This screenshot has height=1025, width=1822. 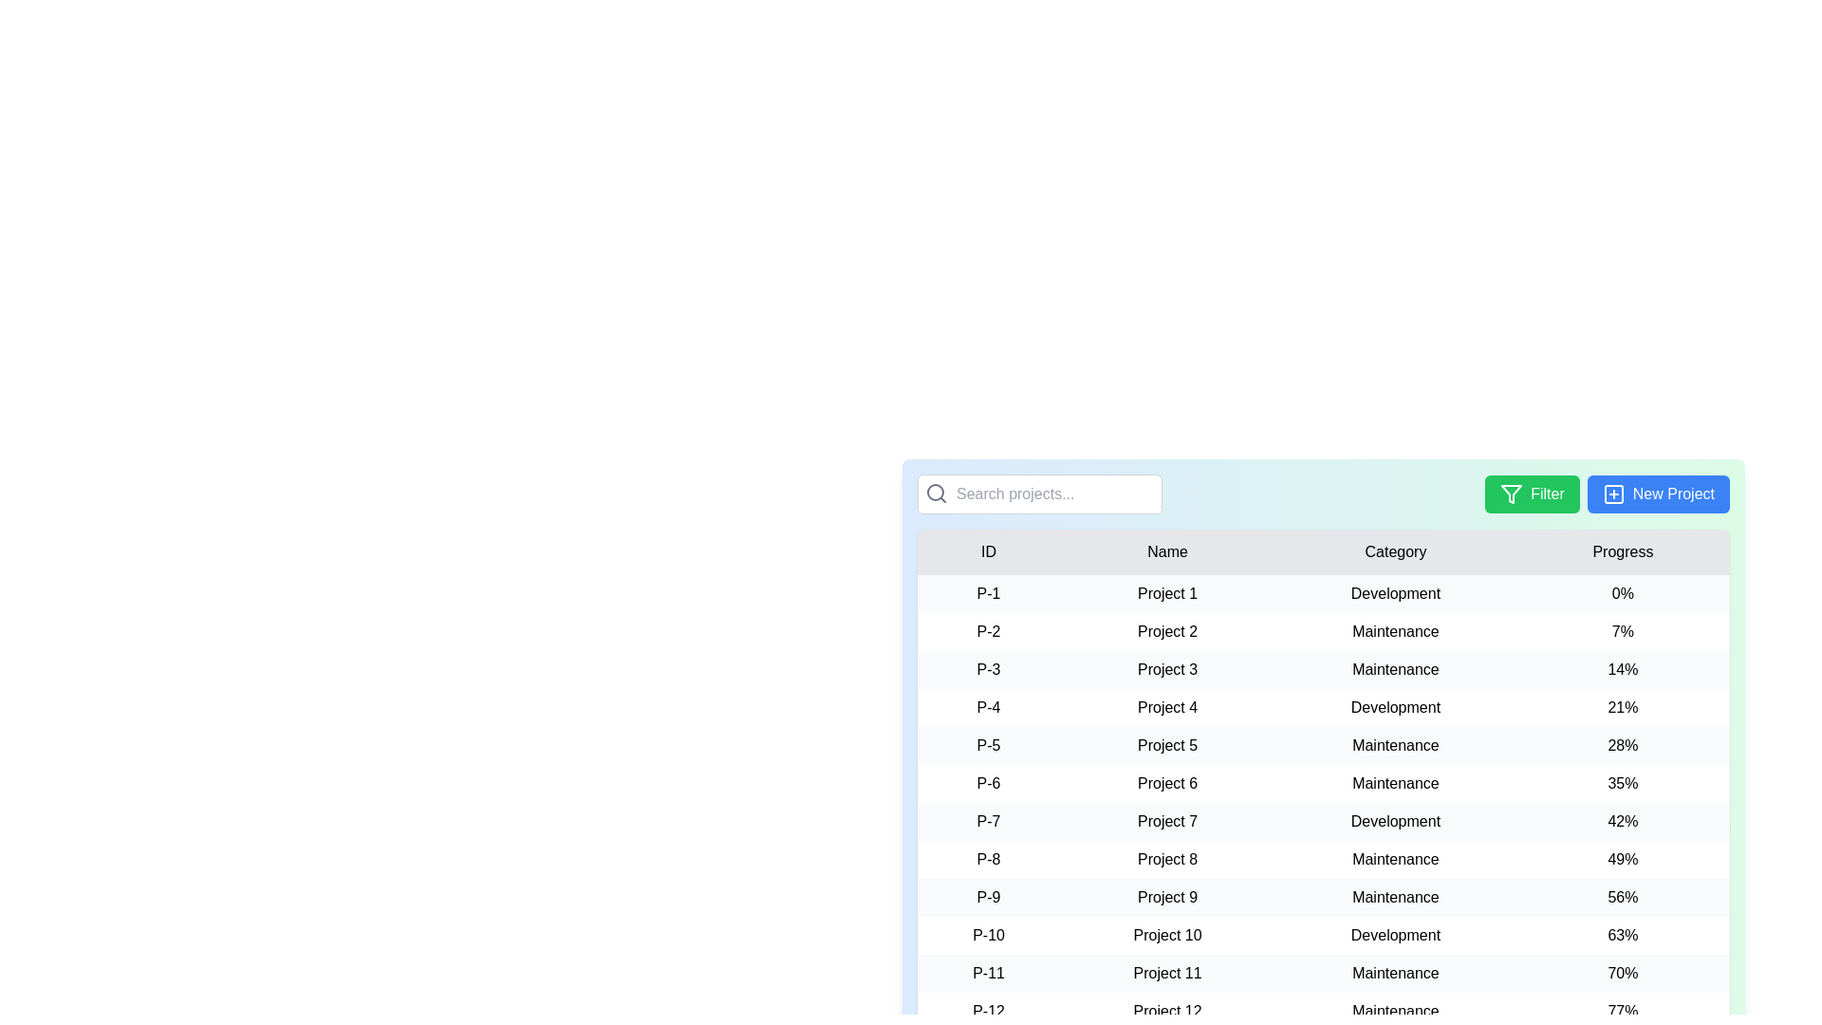 I want to click on 'New Project' button to add a new project, so click(x=1657, y=493).